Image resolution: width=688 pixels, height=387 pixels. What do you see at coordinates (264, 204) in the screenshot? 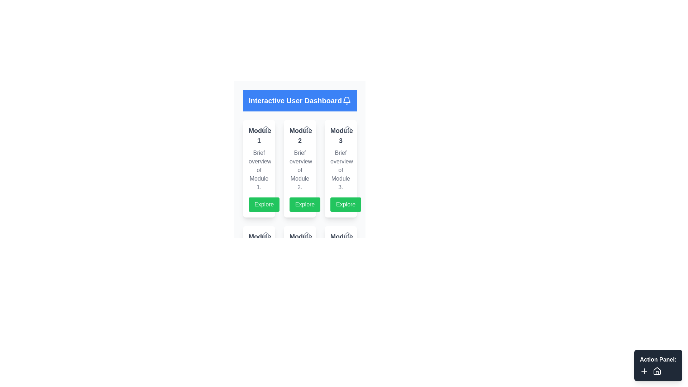
I see `the button located below the text 'Brief overview of Module 1.' in the card representation for 'Module 1'` at bounding box center [264, 204].